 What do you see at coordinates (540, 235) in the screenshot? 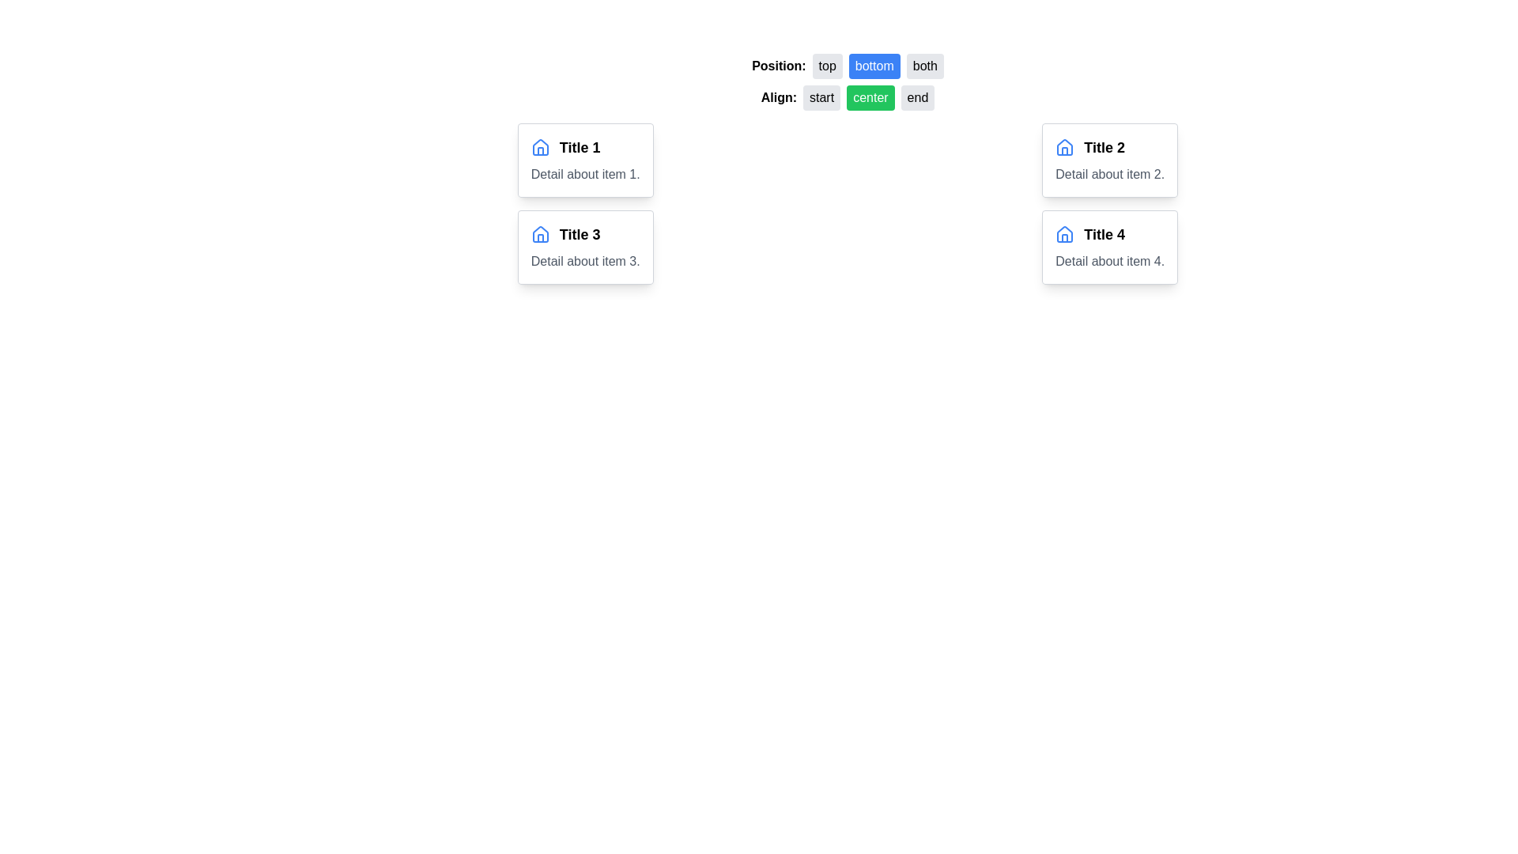
I see `the house icon located in the card labeled 'Title 3' positioned in the bottom-left region of the layout` at bounding box center [540, 235].